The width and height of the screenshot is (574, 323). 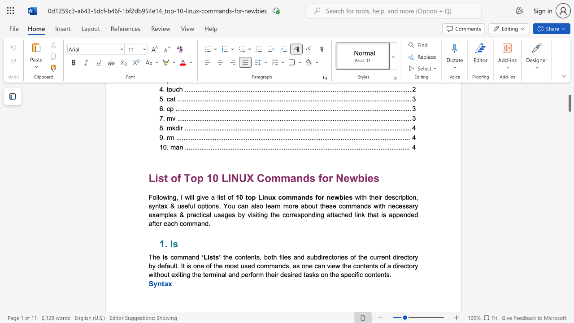 What do you see at coordinates (200, 223) in the screenshot?
I see `the subset text "nd" within the text "with their description, syntax & useful options. You can also learn more about these commands with necessary examples & practical usages by visiting the corresponding attached link that is appended after each command."` at bounding box center [200, 223].